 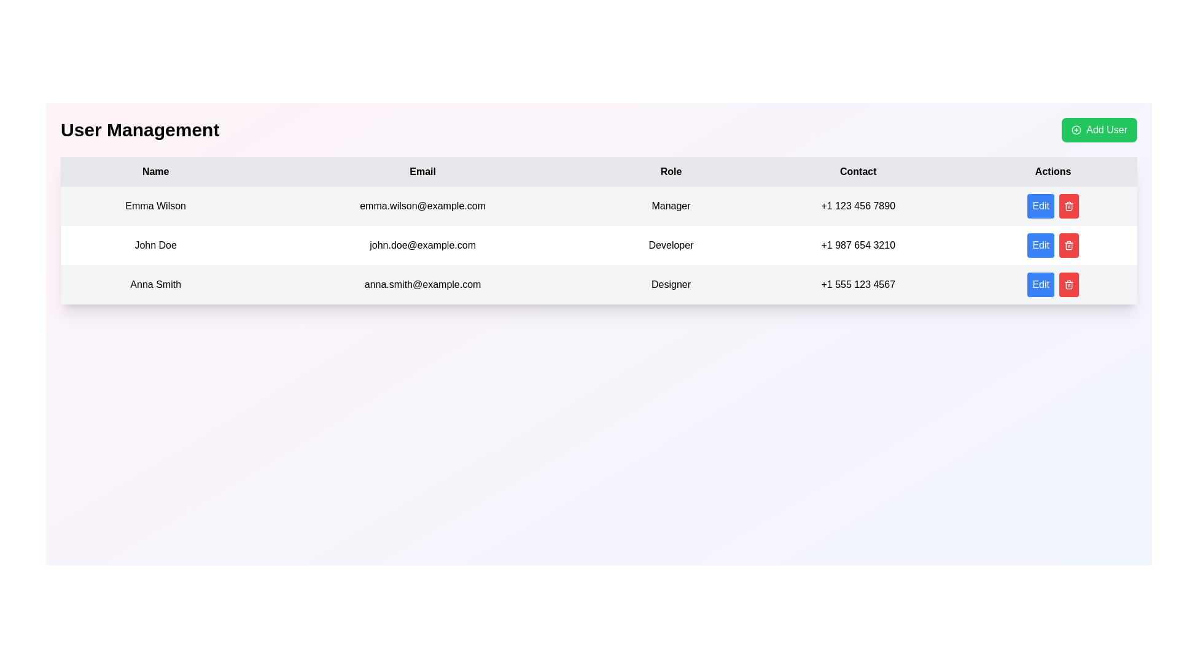 I want to click on the trash can icon button in the 'Actions' column of the row for 'Anna Smith', so click(x=1067, y=284).